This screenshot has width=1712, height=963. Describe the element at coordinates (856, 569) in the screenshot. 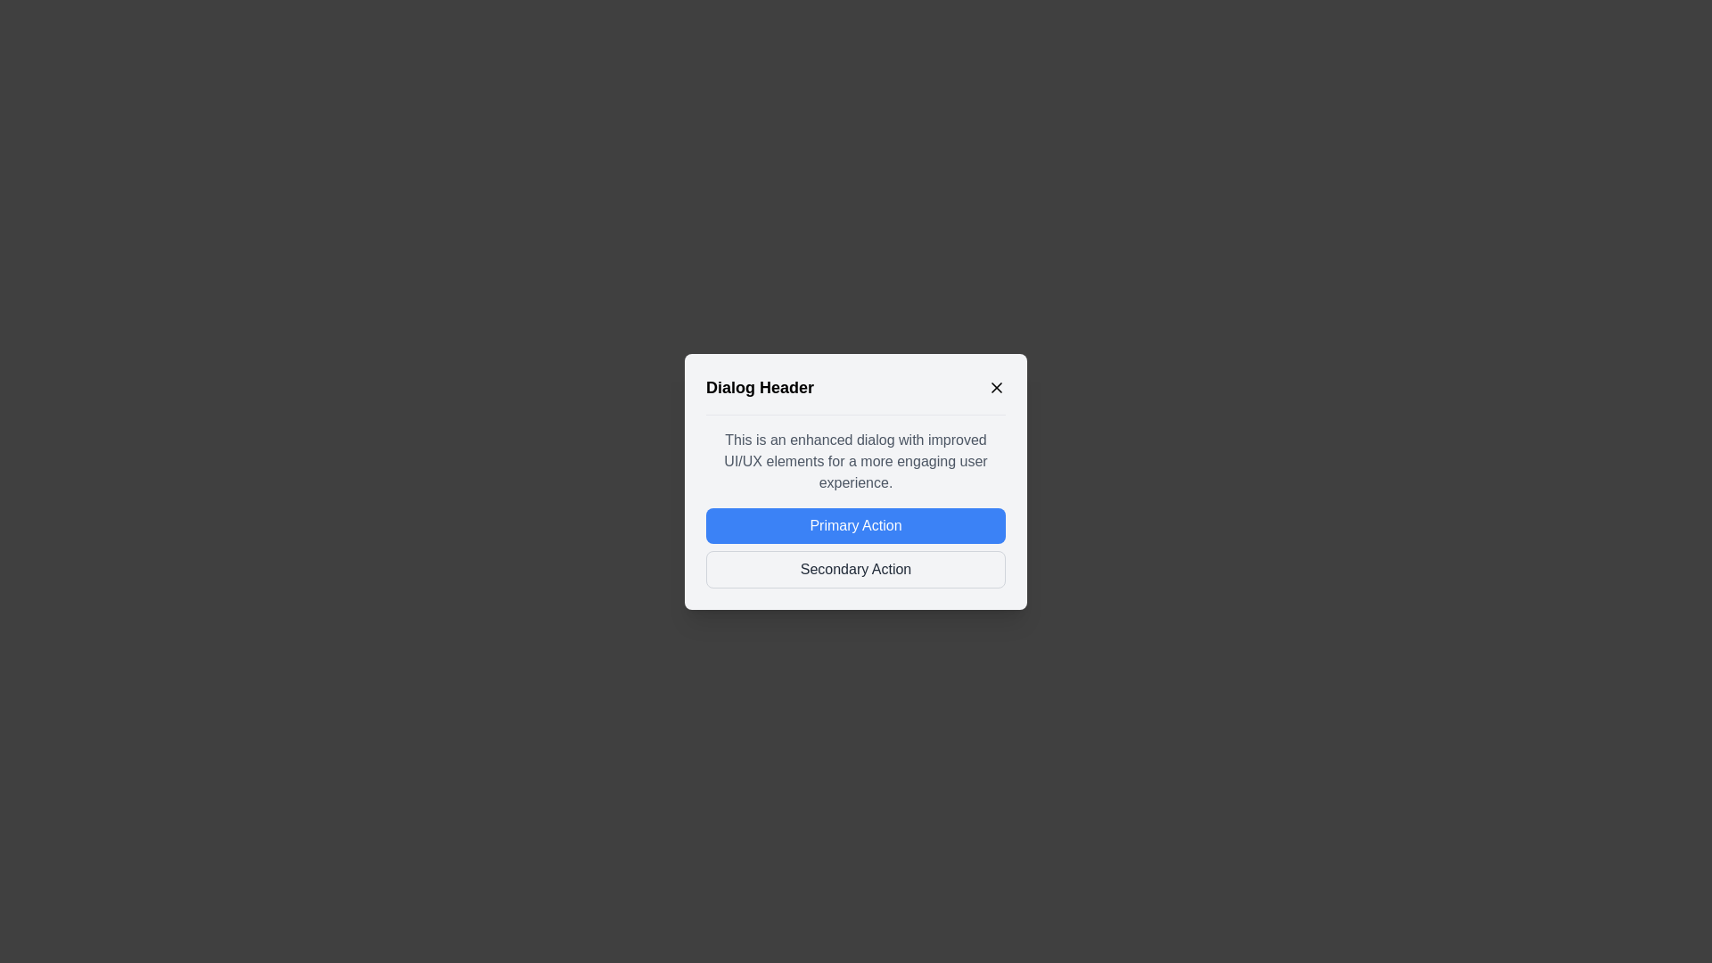

I see `the 'Secondary Action' button to perform its associated action` at that location.